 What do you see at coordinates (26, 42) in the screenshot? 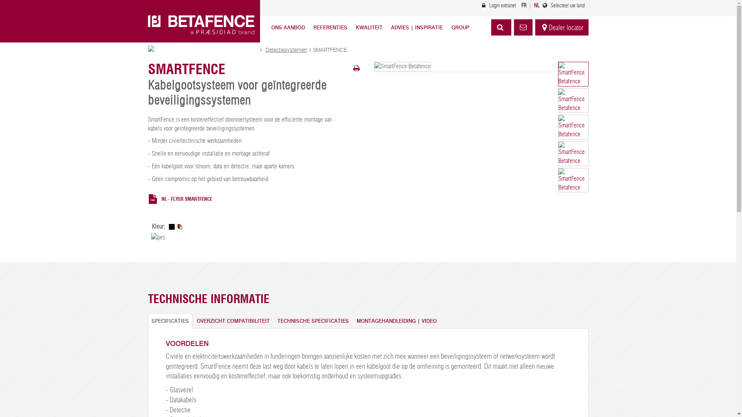
I see `'Skip to main content'` at bounding box center [26, 42].